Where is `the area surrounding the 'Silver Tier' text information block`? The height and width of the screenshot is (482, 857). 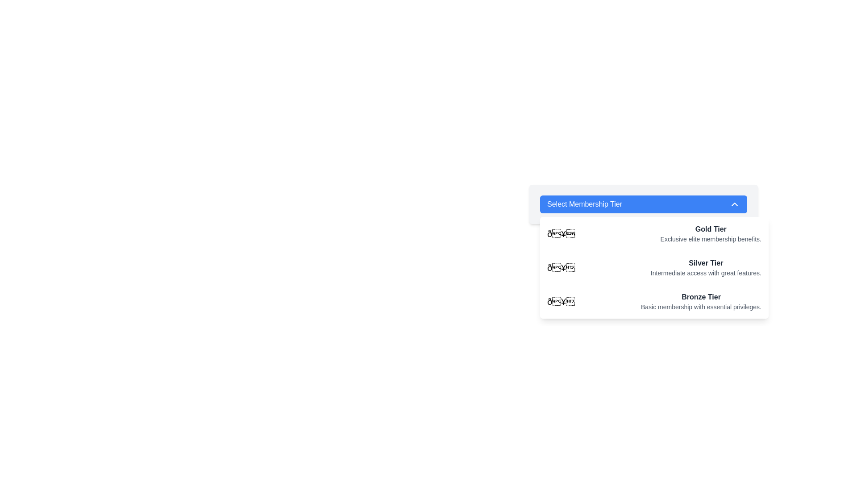 the area surrounding the 'Silver Tier' text information block is located at coordinates (705, 267).